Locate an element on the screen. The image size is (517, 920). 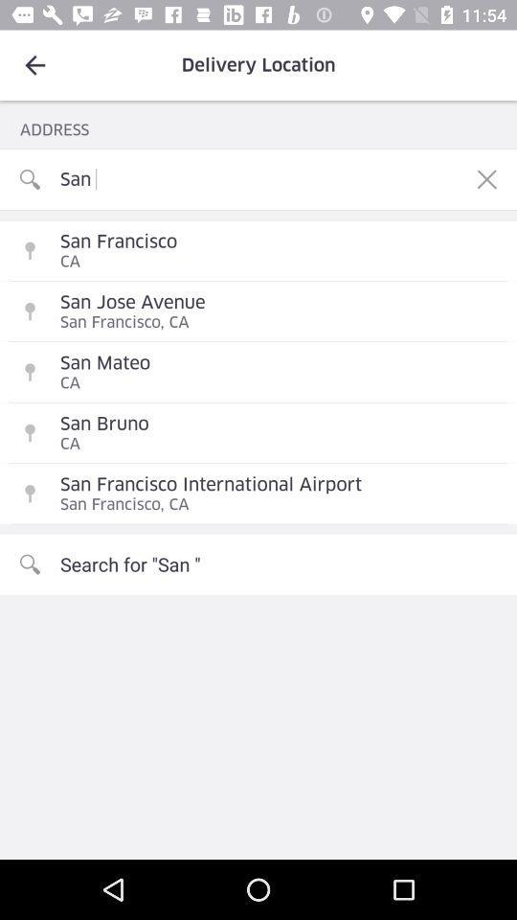
icon to the left of the delivery location item is located at coordinates (34, 65).